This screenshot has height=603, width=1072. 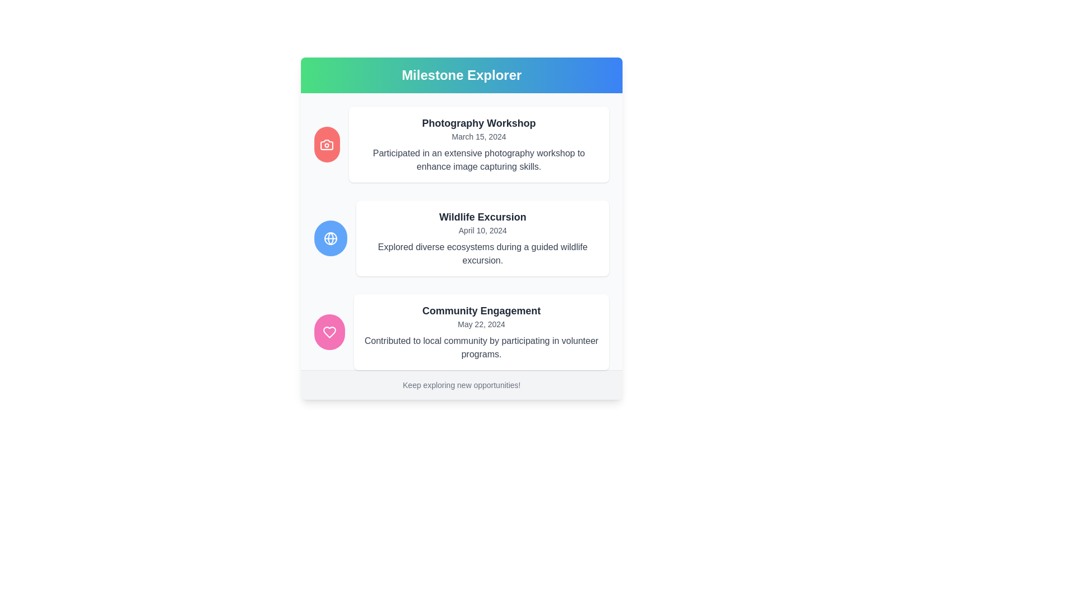 I want to click on the circular blue icon with a white globe illustration that is located to the left of the 'Wildlife Excursion' section, so click(x=330, y=238).